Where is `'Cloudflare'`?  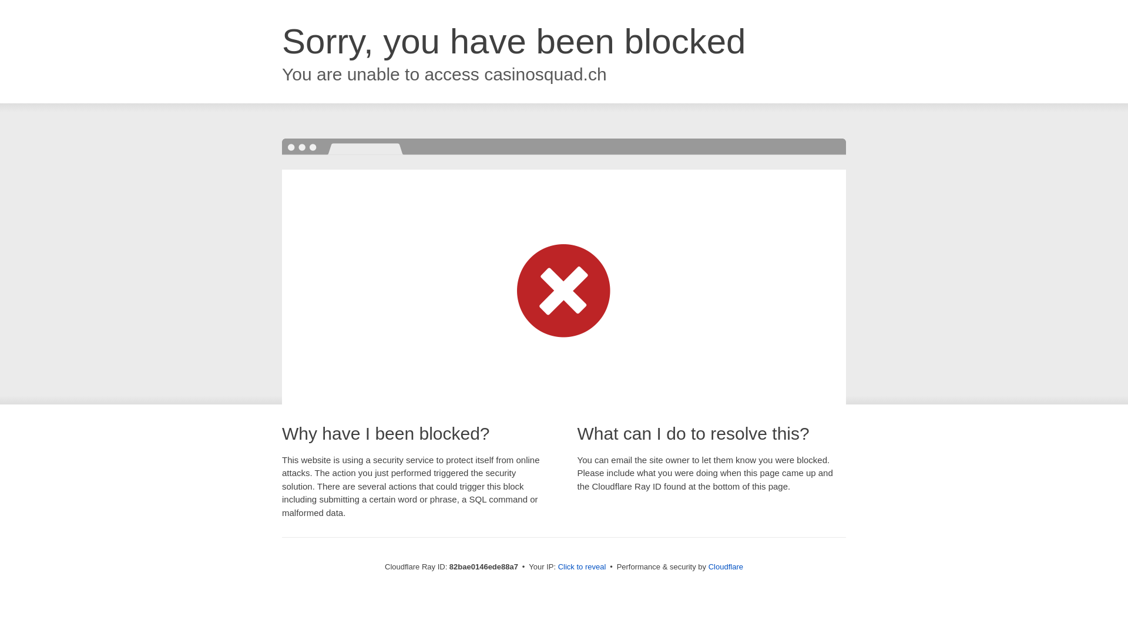
'Cloudflare' is located at coordinates (725, 566).